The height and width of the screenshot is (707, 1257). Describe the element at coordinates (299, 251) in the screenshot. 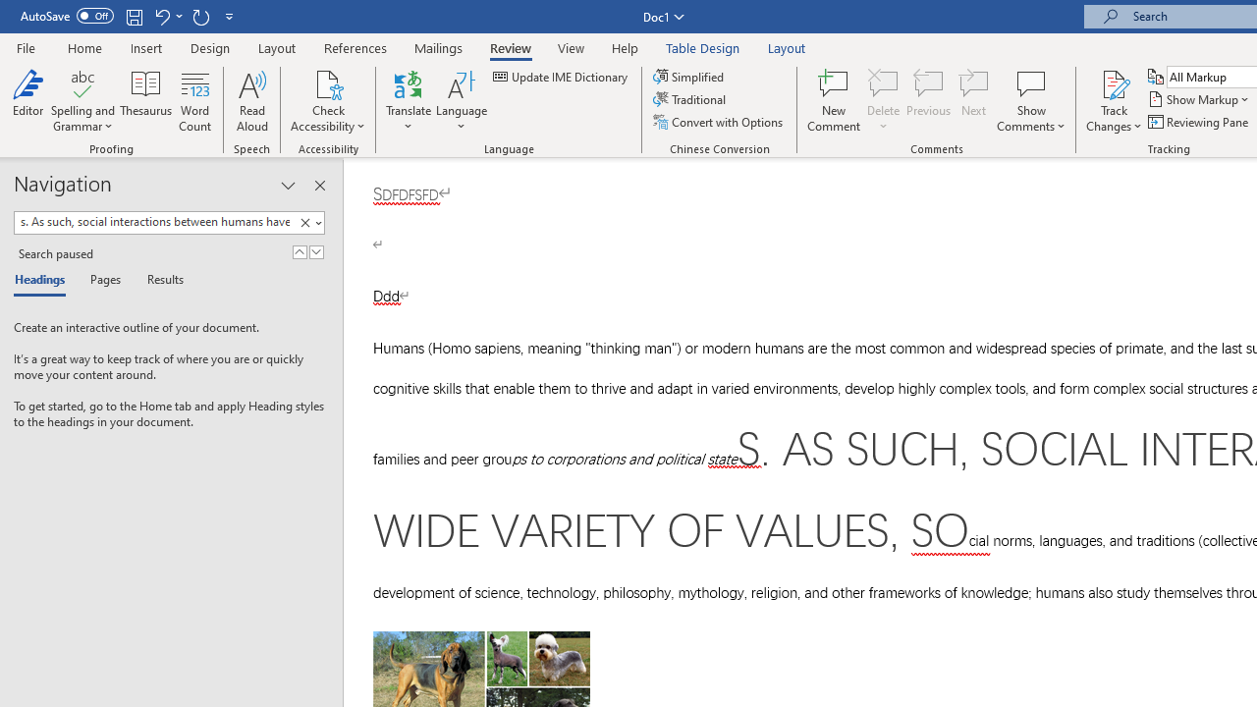

I see `'Previous Result'` at that location.